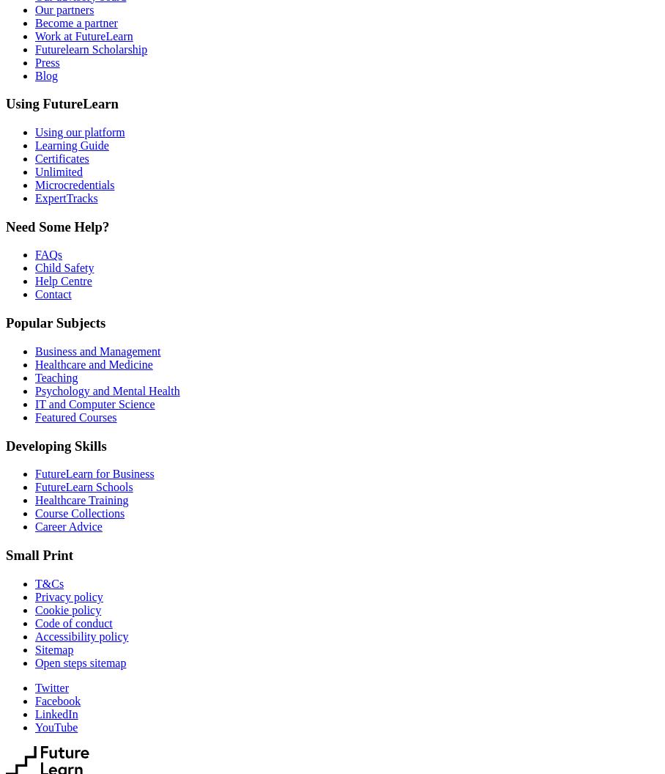  Describe the element at coordinates (35, 622) in the screenshot. I see `'Code of conduct'` at that location.